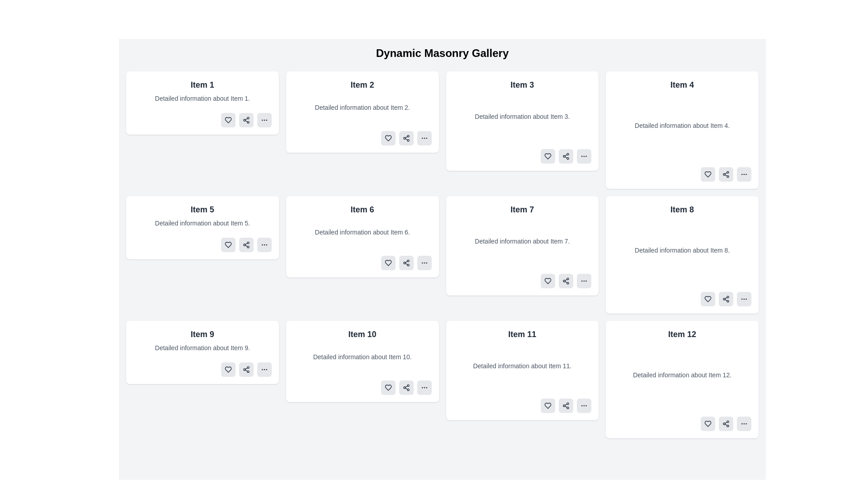 This screenshot has height=488, width=868. I want to click on text content of the Text Header located at the top of the interface, which is centrally aligned and above a grid of items, so click(442, 53).